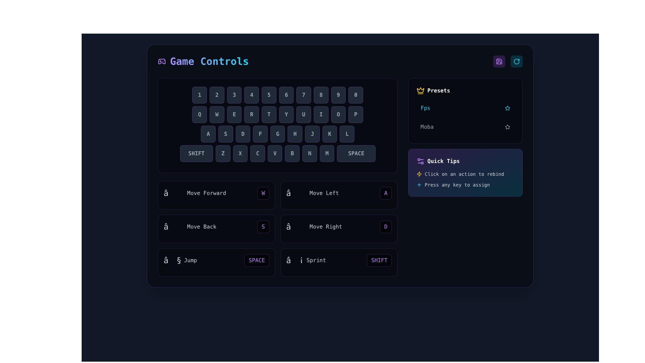 The width and height of the screenshot is (645, 363). I want to click on the 'Move Left' text label, which features a leftward-pointing arrow symbol and is styled with a gray, subdued appearance, located in the second row of the movement shortcut settings, so click(312, 193).